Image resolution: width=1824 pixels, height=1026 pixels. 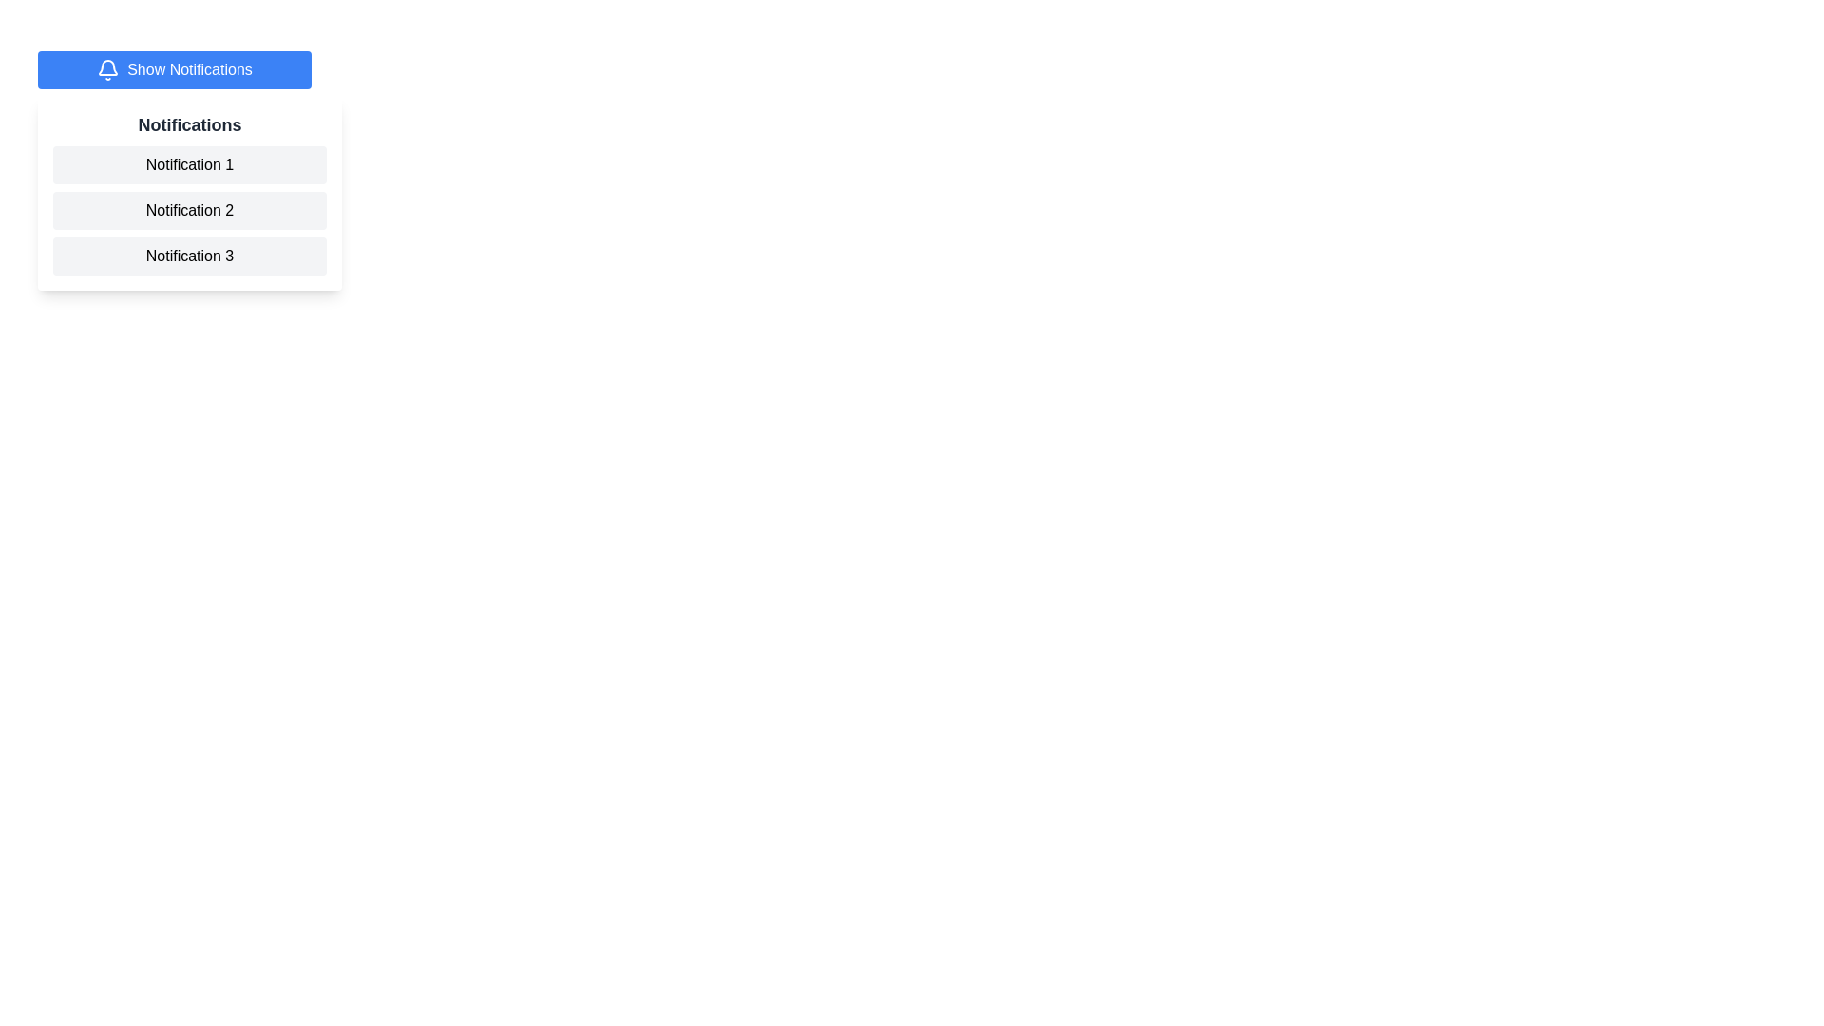 What do you see at coordinates (190, 124) in the screenshot?
I see `the 'Notifications' text heading element, which is styled in bold and large dark gray font at the top of the notification panel` at bounding box center [190, 124].